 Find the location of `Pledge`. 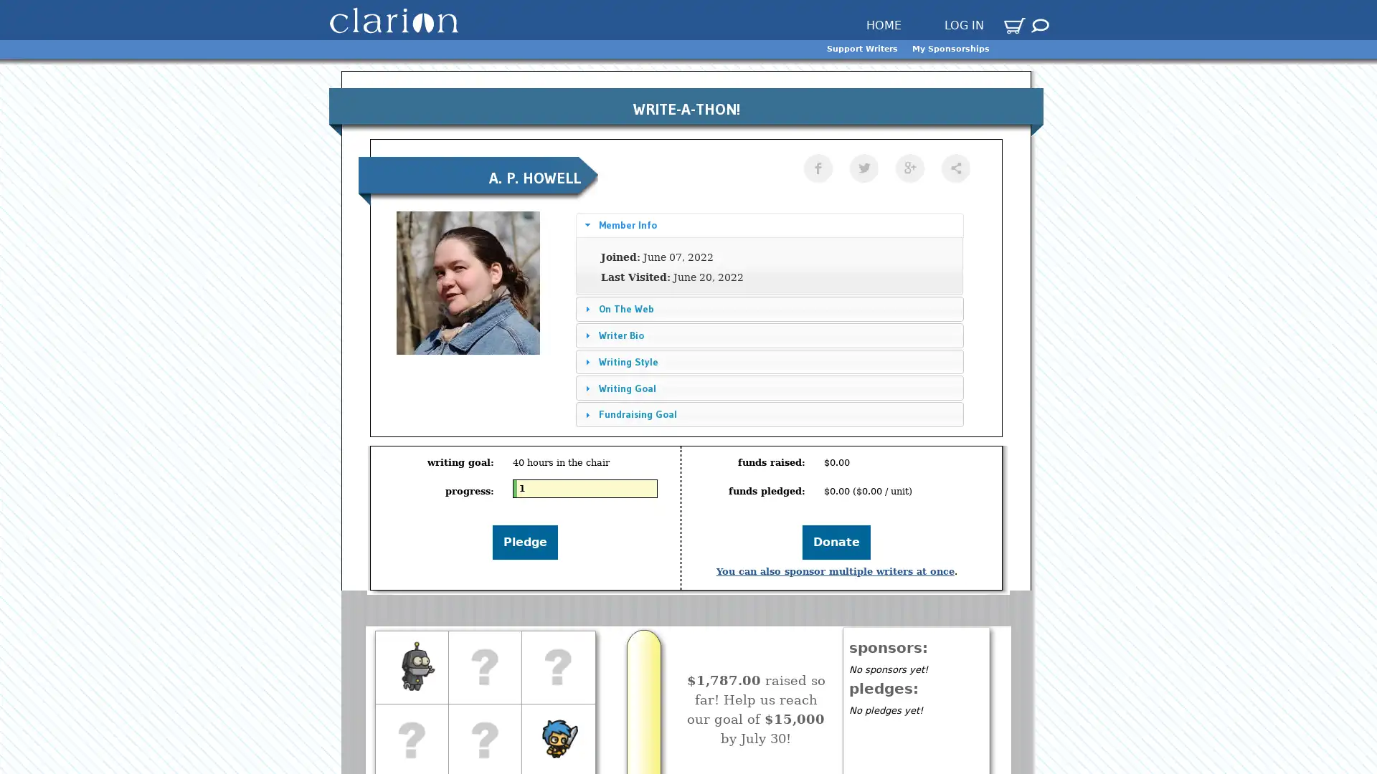

Pledge is located at coordinates (524, 542).